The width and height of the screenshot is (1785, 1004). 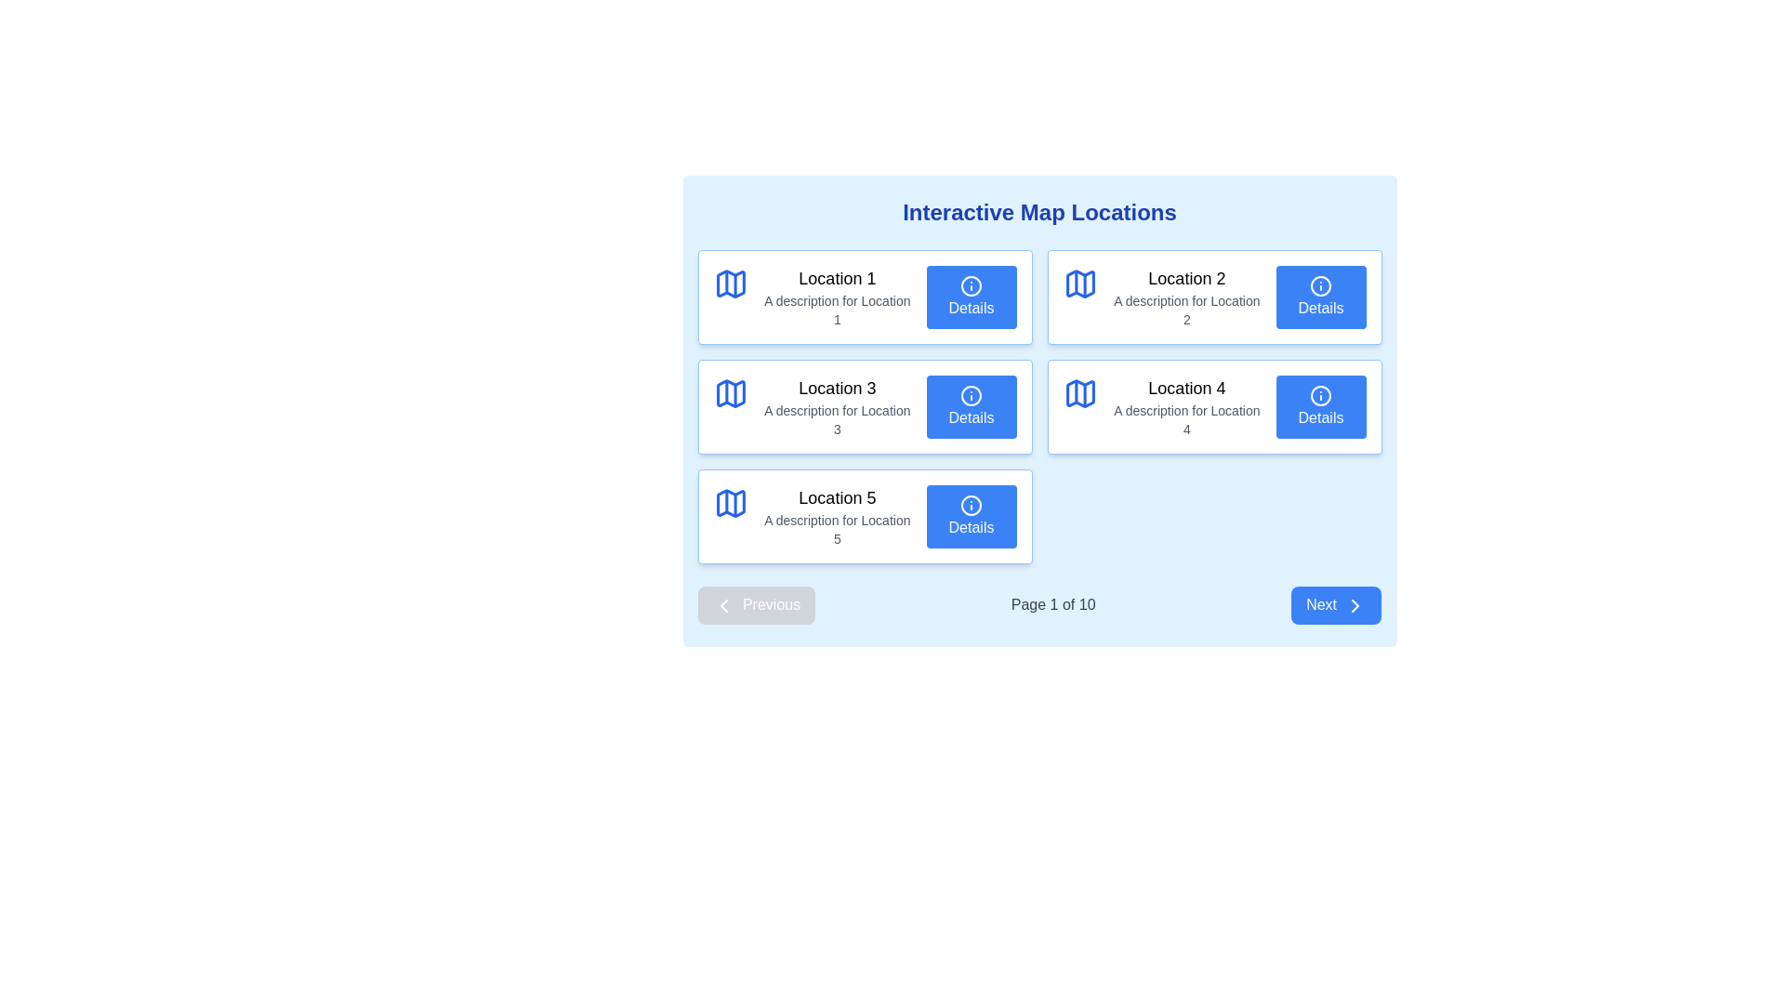 I want to click on the map icon located in the fourth position of the main layout grid above the text 'Location 4' and adjacent to the 'Details' button, so click(x=1080, y=393).